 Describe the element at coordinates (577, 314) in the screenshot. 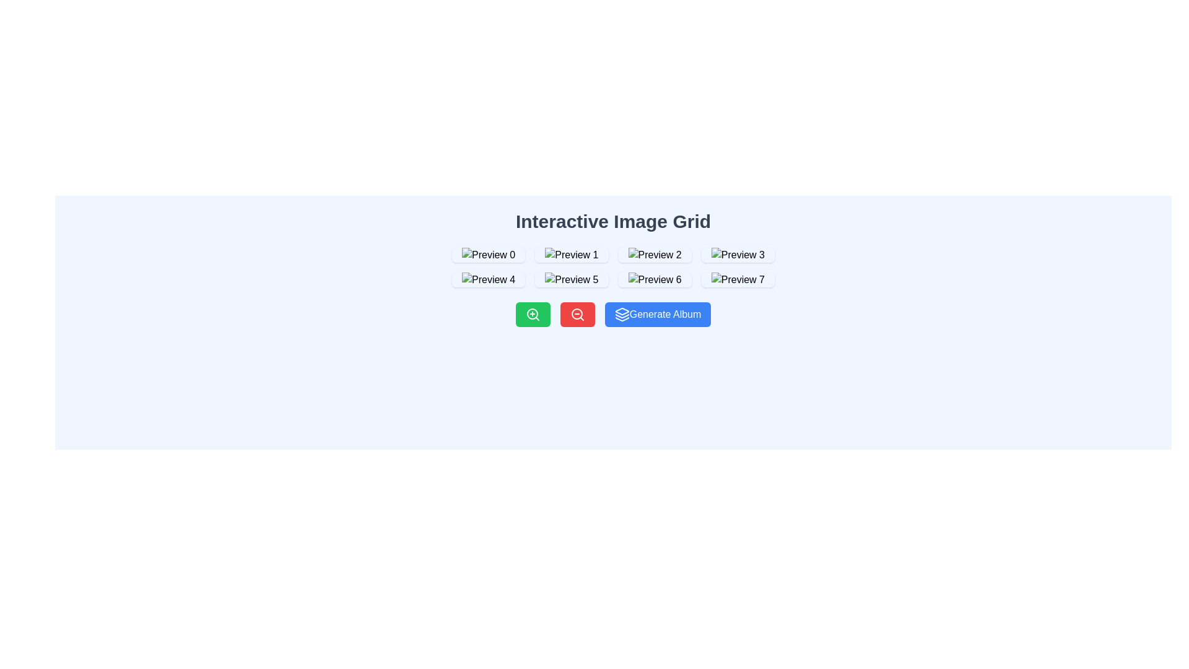

I see `the red rectangular button with a bold white magnifying glass icon that has a minus symbol inside it, located between the green button and the blue button` at that location.